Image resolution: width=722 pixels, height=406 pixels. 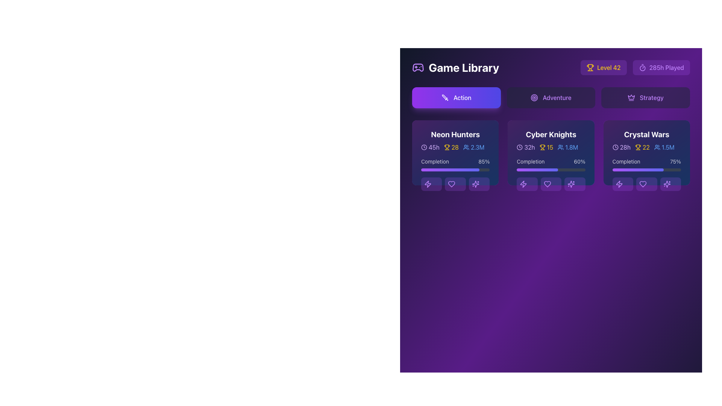 What do you see at coordinates (646, 134) in the screenshot?
I see `the text label displaying the title 'Crystal Wars' in bold typography, which is located at the top center of the game's card in the 'Game Library' section` at bounding box center [646, 134].